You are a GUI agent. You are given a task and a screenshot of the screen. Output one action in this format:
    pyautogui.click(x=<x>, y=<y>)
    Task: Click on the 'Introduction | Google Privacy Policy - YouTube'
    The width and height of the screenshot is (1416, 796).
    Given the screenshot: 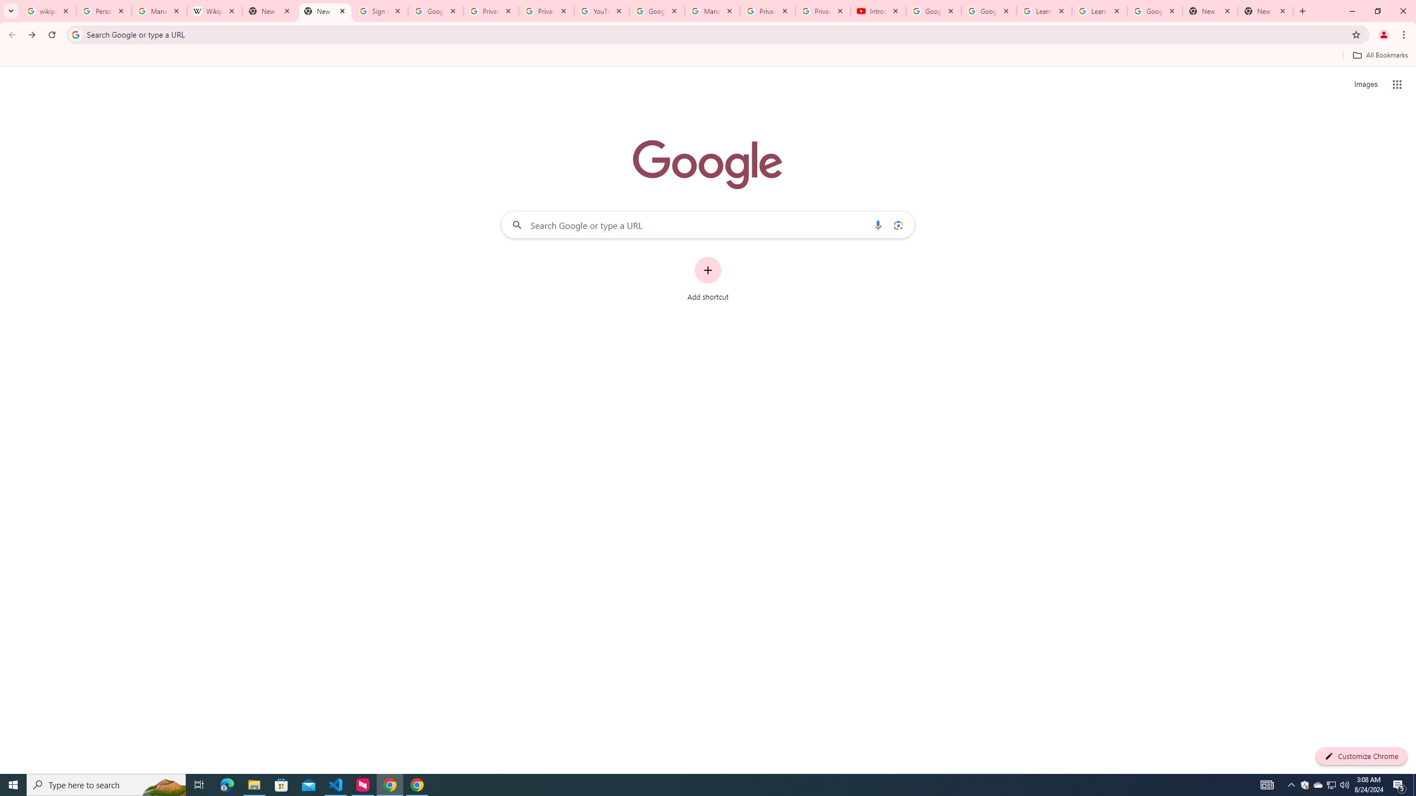 What is the action you would take?
    pyautogui.click(x=877, y=11)
    